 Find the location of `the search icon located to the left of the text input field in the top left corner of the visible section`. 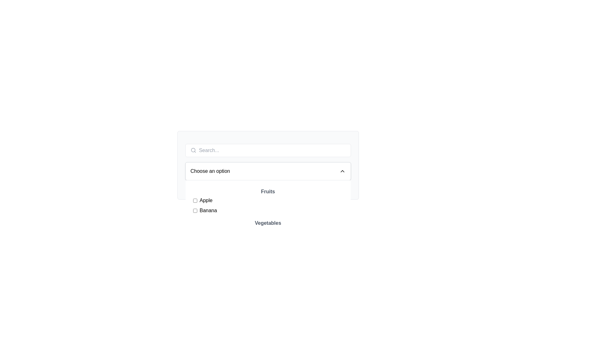

the search icon located to the left of the text input field in the top left corner of the visible section is located at coordinates (193, 150).